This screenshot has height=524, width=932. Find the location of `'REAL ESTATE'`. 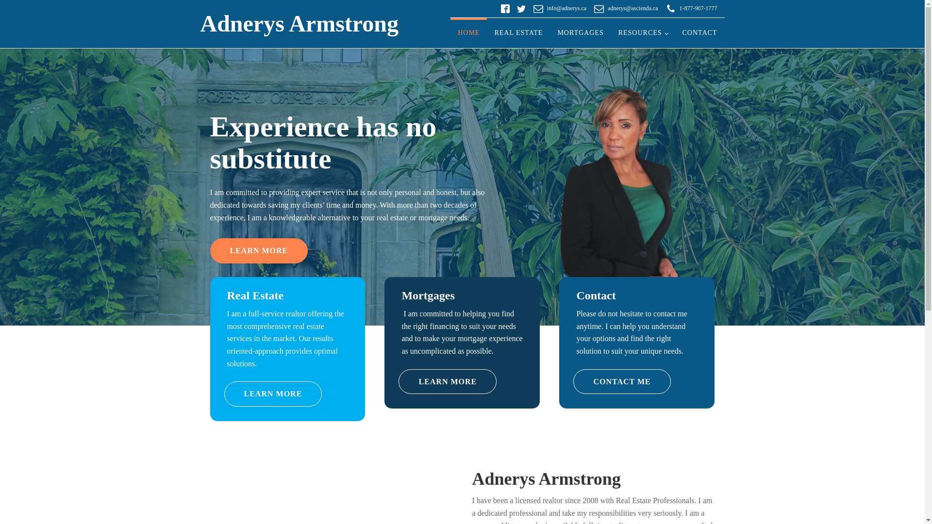

'REAL ESTATE' is located at coordinates (517, 33).